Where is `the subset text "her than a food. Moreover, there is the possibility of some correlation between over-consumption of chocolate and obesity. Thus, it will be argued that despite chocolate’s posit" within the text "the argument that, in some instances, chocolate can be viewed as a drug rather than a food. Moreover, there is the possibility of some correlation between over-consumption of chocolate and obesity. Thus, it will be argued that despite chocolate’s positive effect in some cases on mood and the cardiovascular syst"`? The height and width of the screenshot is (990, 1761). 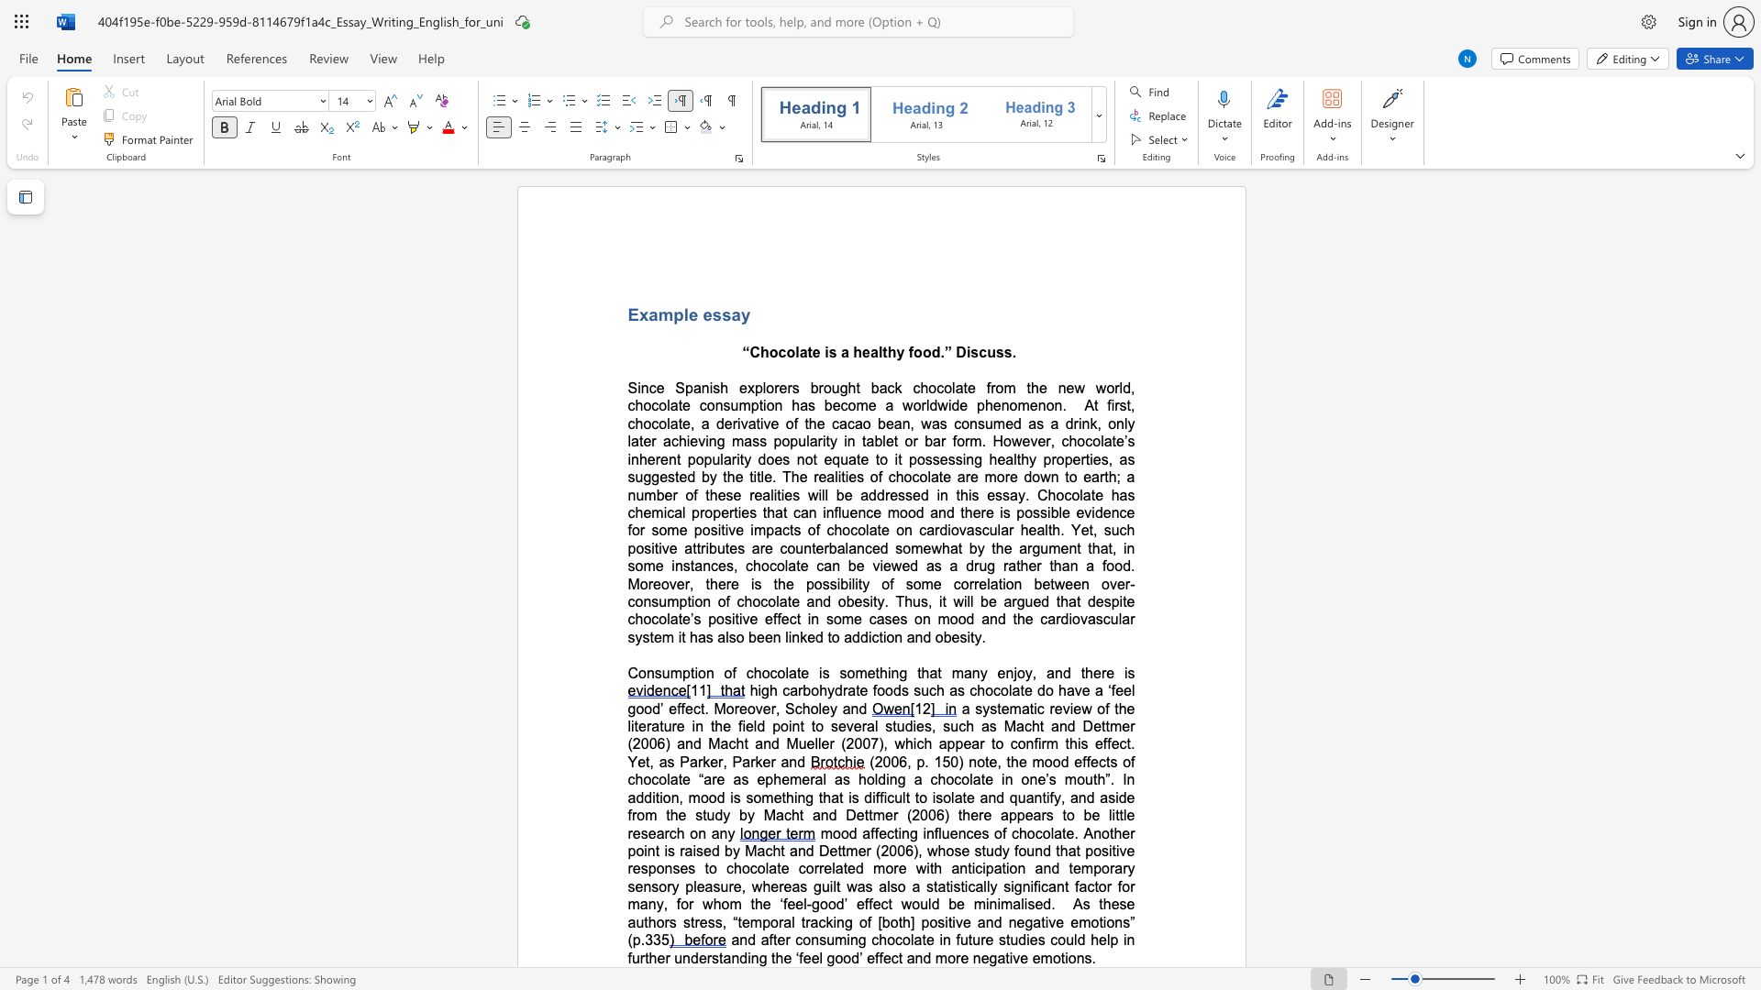 the subset text "her than a food. Moreover, there is the possibility of some correlation between over-consumption of chocolate and obesity. Thus, it will be argued that despite chocolate’s posit" within the text "the argument that, in some instances, chocolate can be viewed as a drug rather than a food. Moreover, there is the possibility of some correlation between over-consumption of chocolate and obesity. Thus, it will be argued that despite chocolate’s positive effect in some cases on mood and the cardiovascular syst" is located at coordinates (1019, 565).